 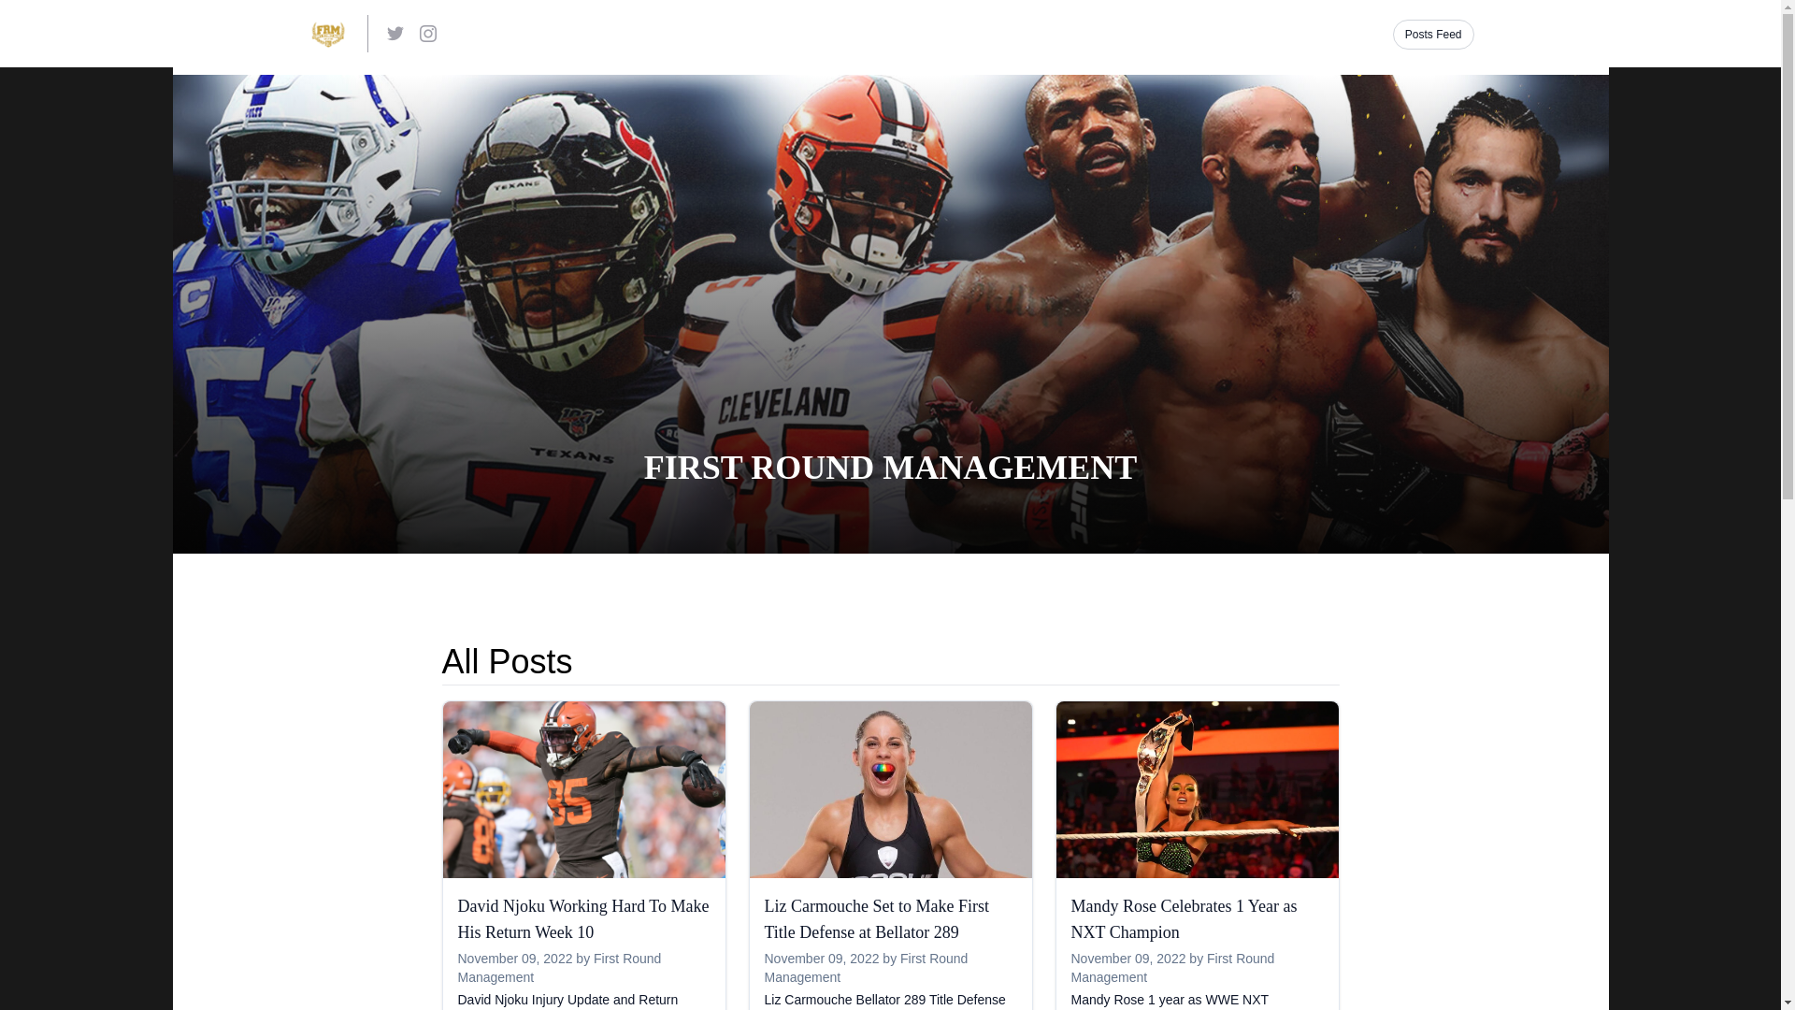 I want to click on 'Posts Feed', so click(x=1432, y=35).